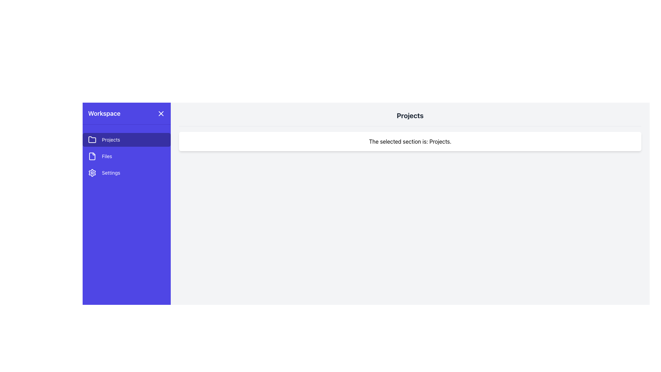 This screenshot has height=372, width=661. I want to click on the 'Files' label in the sidebar menu, which indicates the functionality related to file navigation or details, so click(106, 156).